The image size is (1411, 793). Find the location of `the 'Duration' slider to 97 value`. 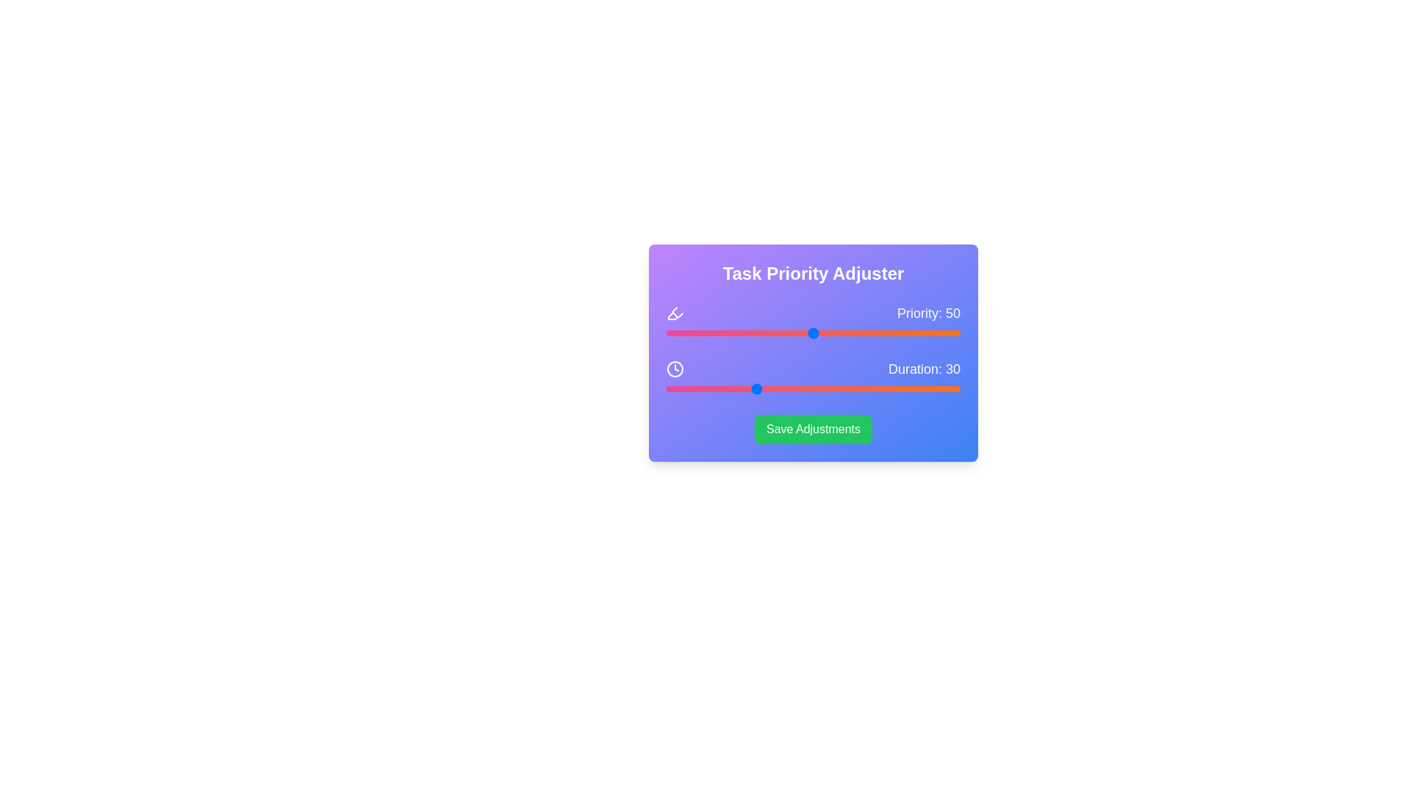

the 'Duration' slider to 97 value is located at coordinates (952, 388).